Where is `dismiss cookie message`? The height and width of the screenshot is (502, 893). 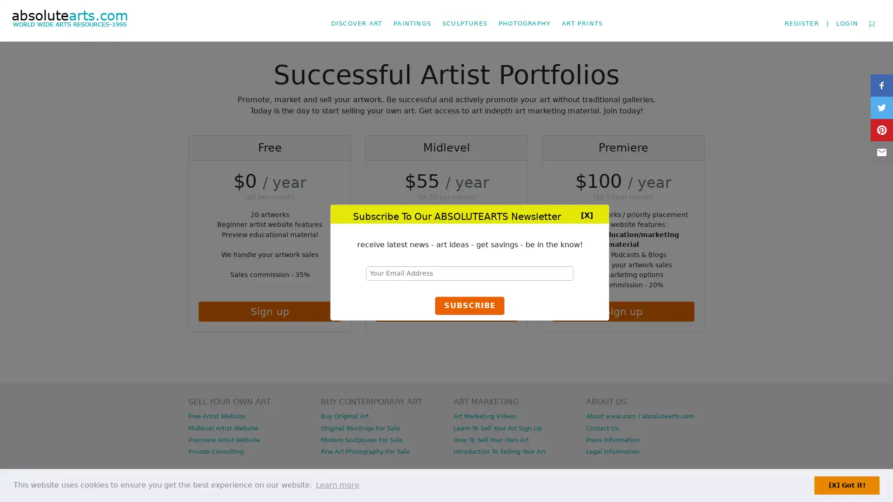 dismiss cookie message is located at coordinates (846, 485).